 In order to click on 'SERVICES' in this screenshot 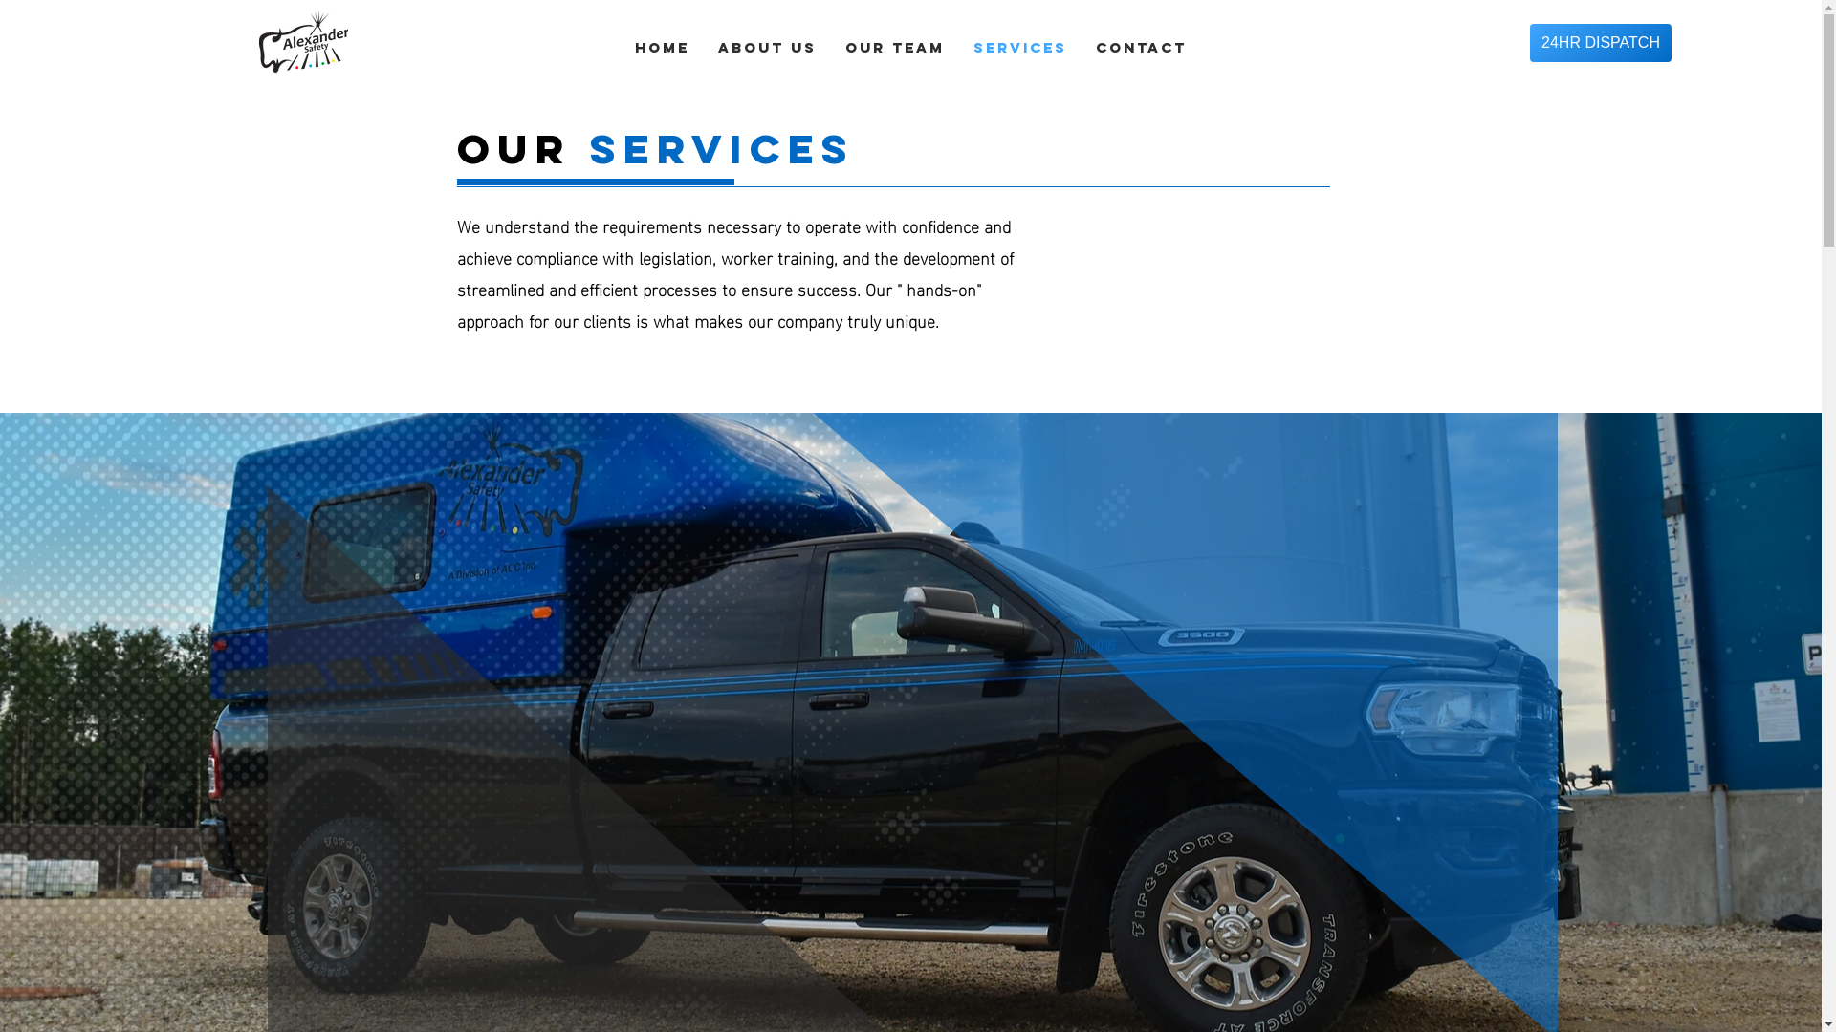, I will do `click(1018, 47)`.